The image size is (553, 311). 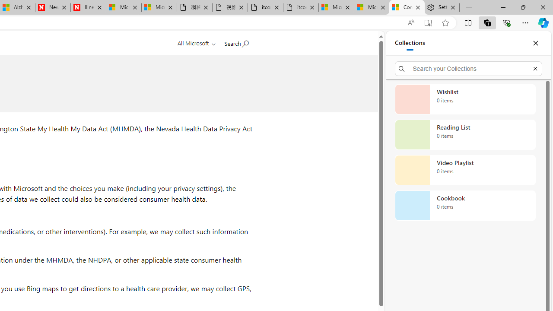 I want to click on 'Newsweek - News, Analysis, Politics, Business, Technology', so click(x=52, y=7).